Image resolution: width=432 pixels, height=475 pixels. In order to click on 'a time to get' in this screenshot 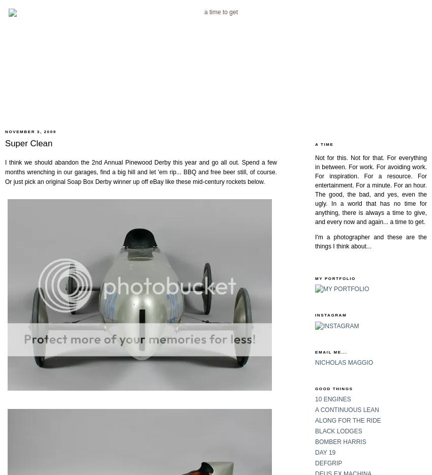, I will do `click(405, 221)`.